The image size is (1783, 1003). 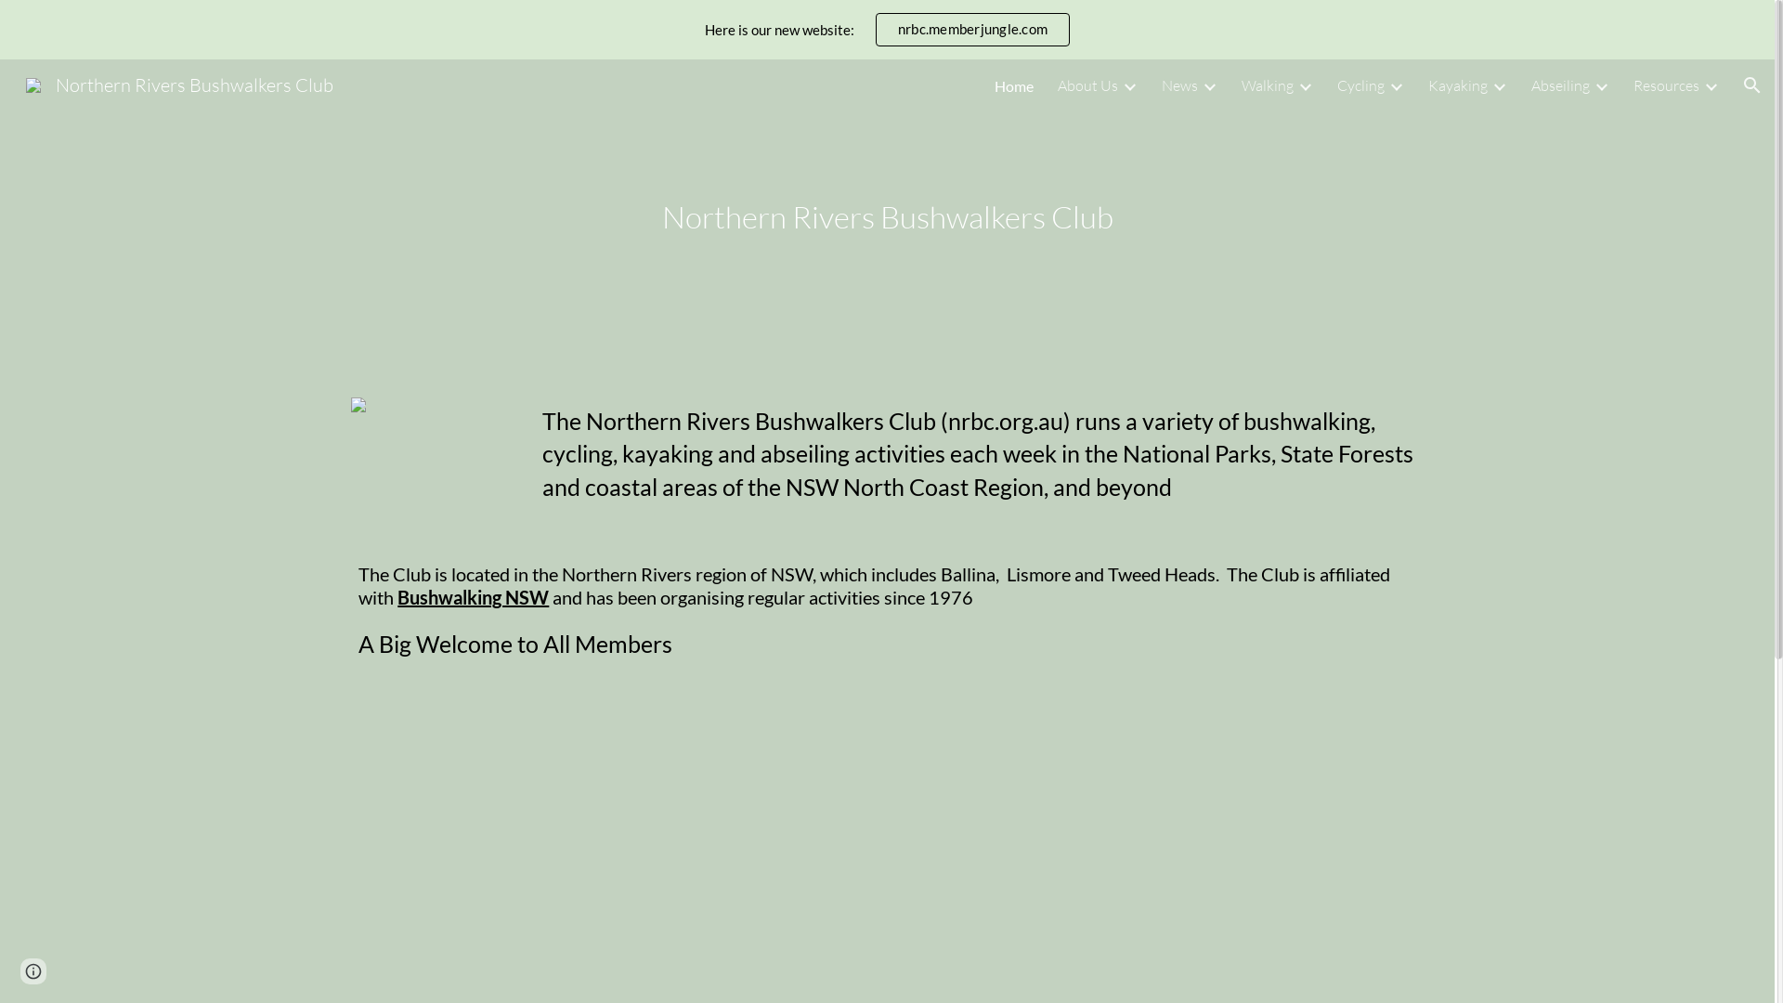 What do you see at coordinates (1560, 85) in the screenshot?
I see `'Abseiling'` at bounding box center [1560, 85].